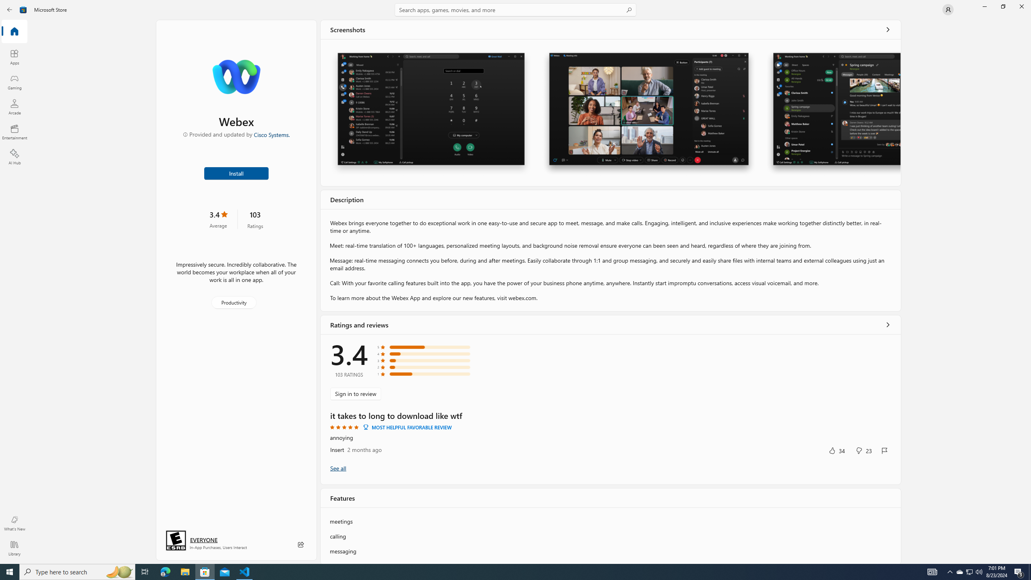  What do you see at coordinates (14, 523) in the screenshot?
I see `'What'` at bounding box center [14, 523].